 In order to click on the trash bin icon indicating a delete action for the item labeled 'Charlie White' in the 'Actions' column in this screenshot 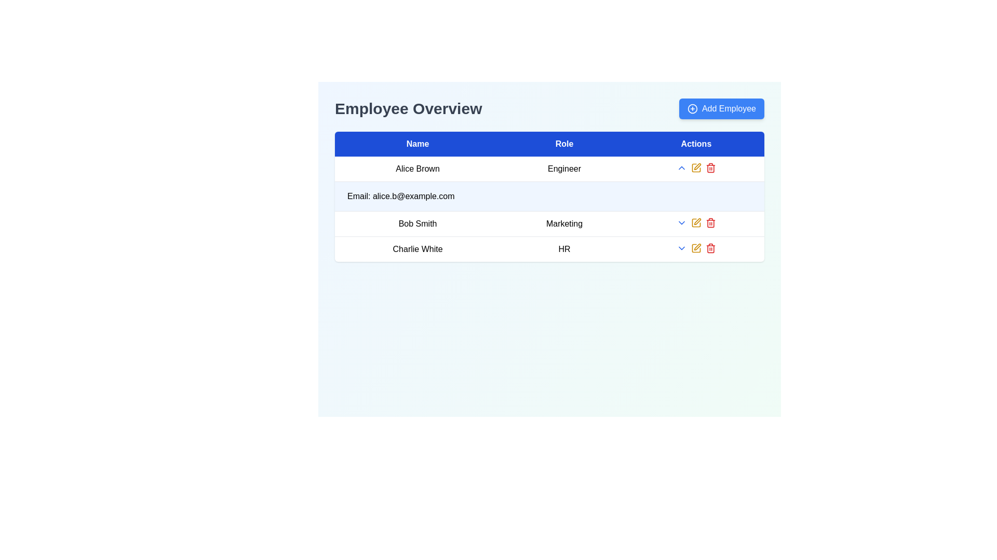, I will do `click(710, 223)`.